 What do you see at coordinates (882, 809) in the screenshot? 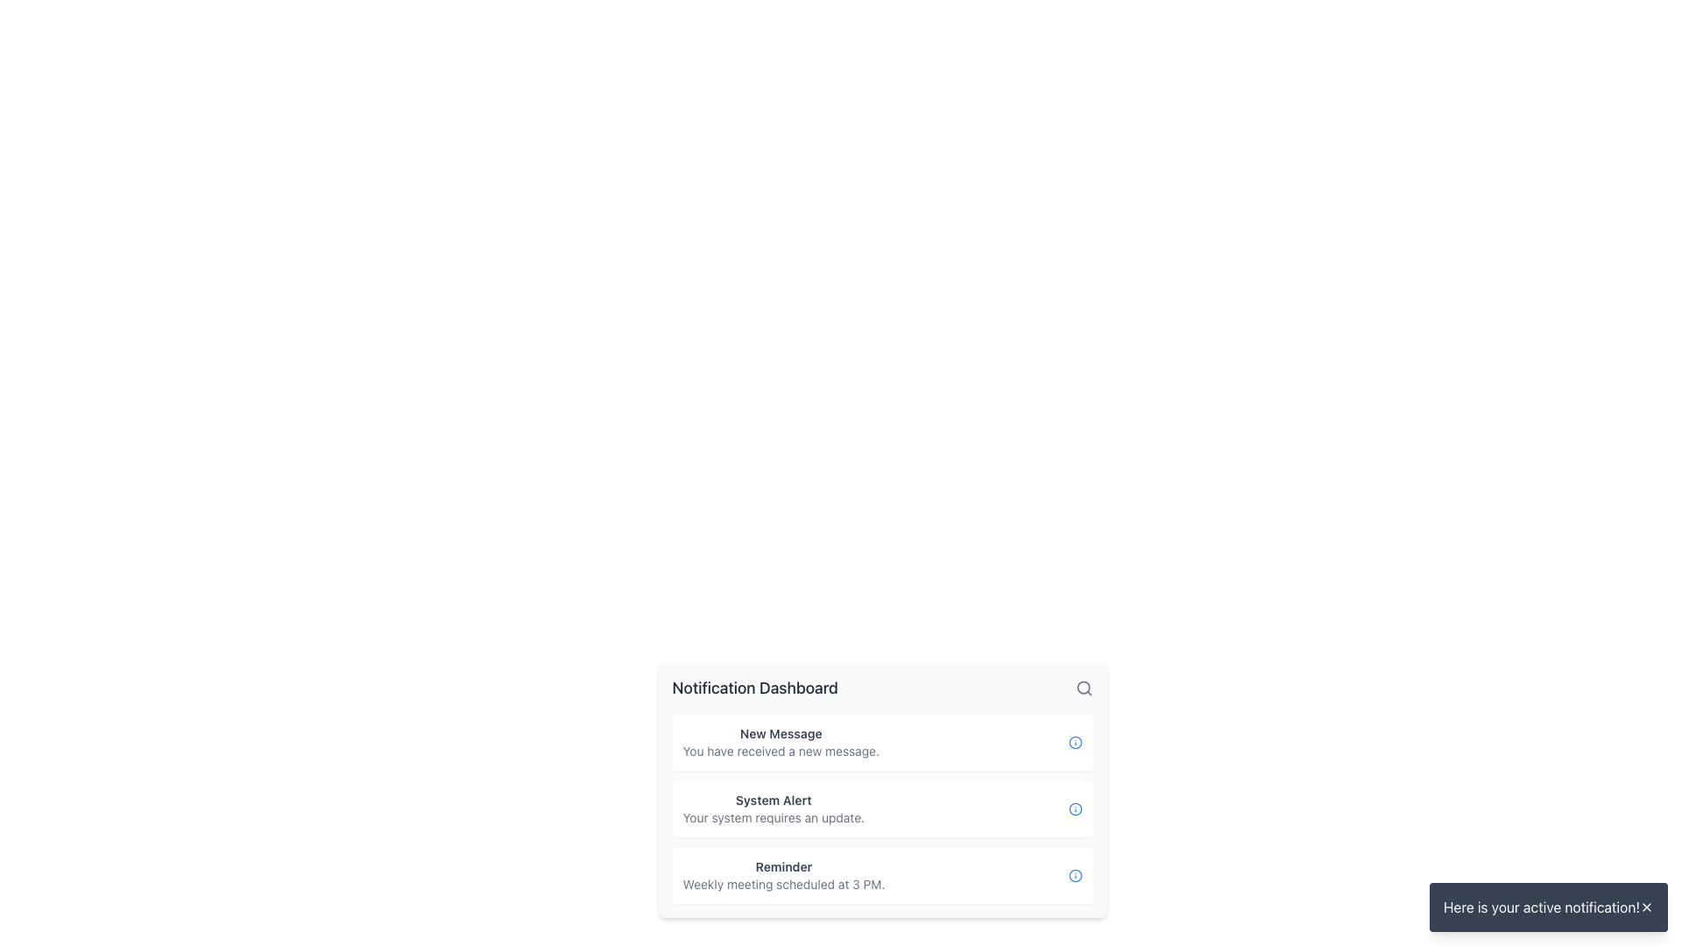
I see `alert information displayed on the Notification card, which indicates that the system requires an update. This Notification card is the second notification in the list, positioned between 'New Message' and 'Reminder'` at bounding box center [882, 809].